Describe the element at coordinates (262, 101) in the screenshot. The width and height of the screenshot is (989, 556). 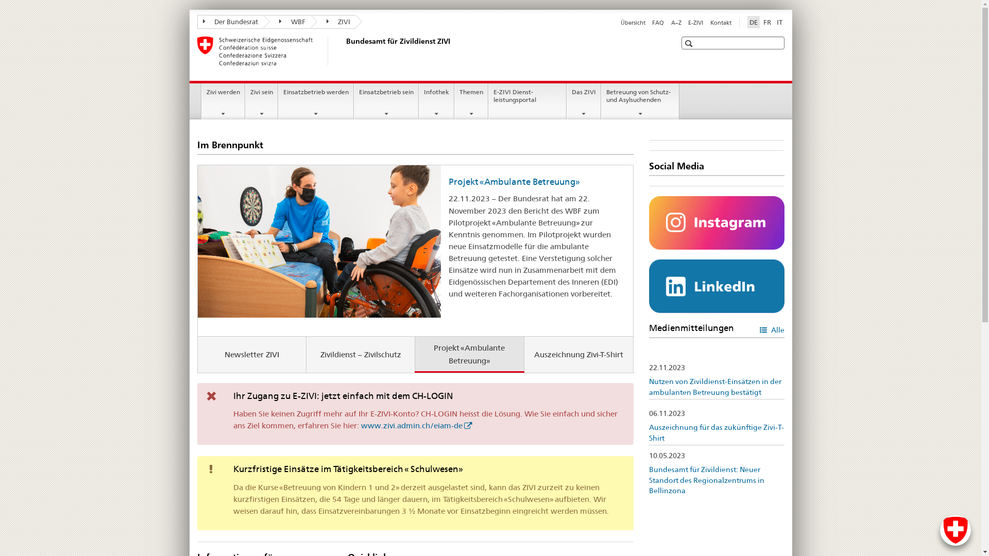
I see `'Zivi sein'` at that location.